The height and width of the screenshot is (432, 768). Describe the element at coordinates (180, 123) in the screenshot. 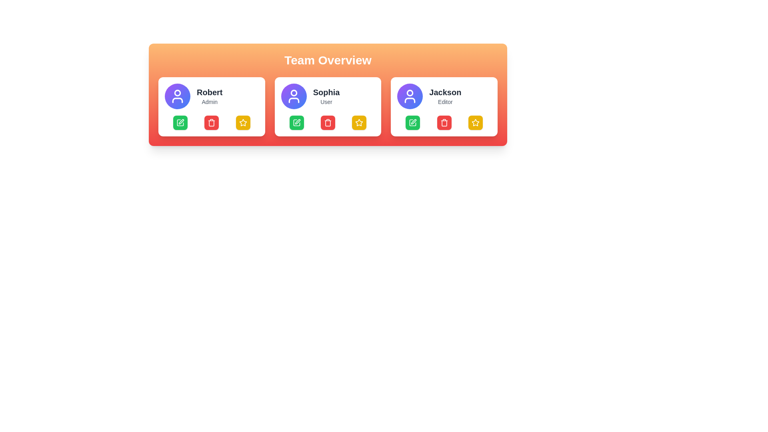

I see `the leftmost green button in the series of action buttons associated with a user card in the top-left corner for tooltip or highlight effect` at that location.